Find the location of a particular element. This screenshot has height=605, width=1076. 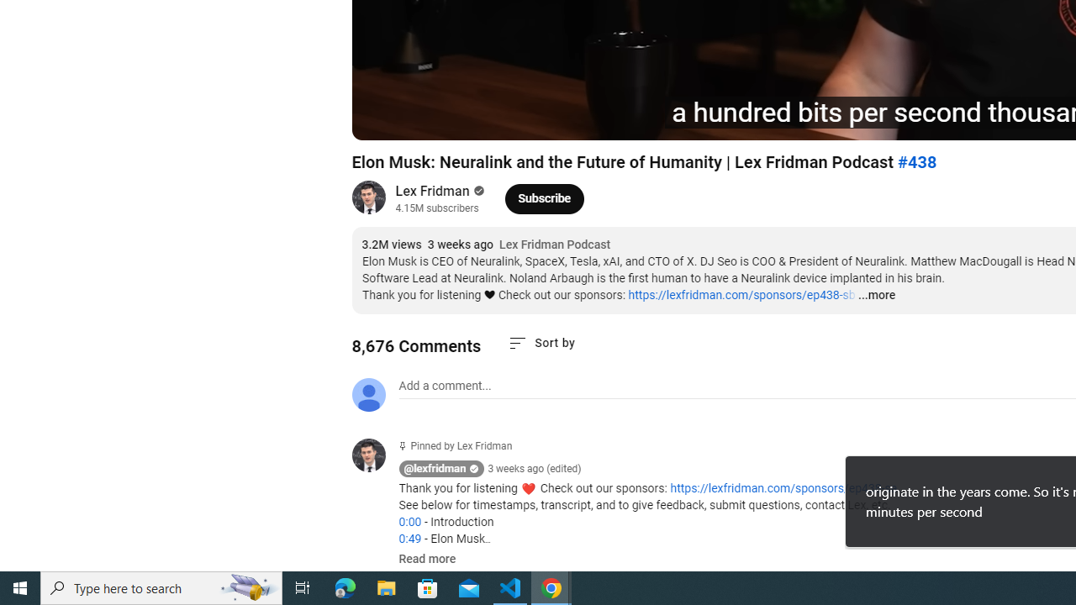

'3 weeks ago (edited)' is located at coordinates (534, 469).